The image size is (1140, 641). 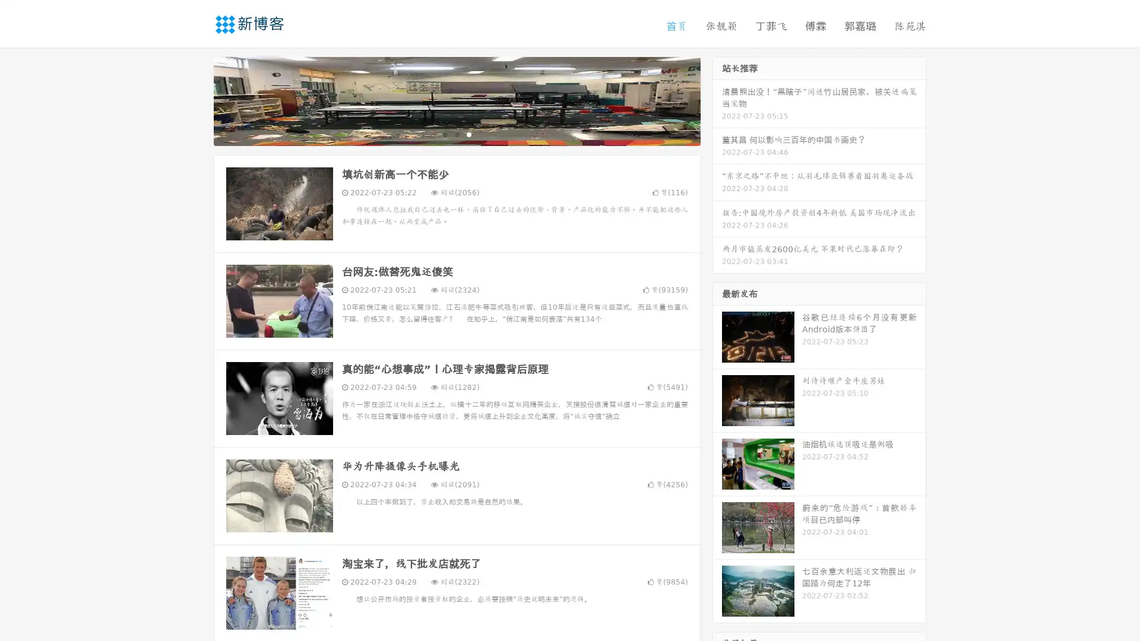 I want to click on Go to slide 3, so click(x=468, y=134).